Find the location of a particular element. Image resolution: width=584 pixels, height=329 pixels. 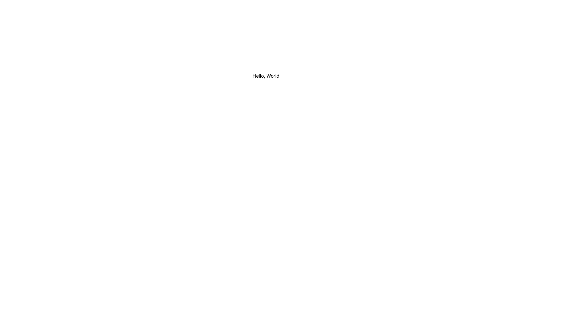

the text label displaying 'Hello, World' is located at coordinates (266, 76).